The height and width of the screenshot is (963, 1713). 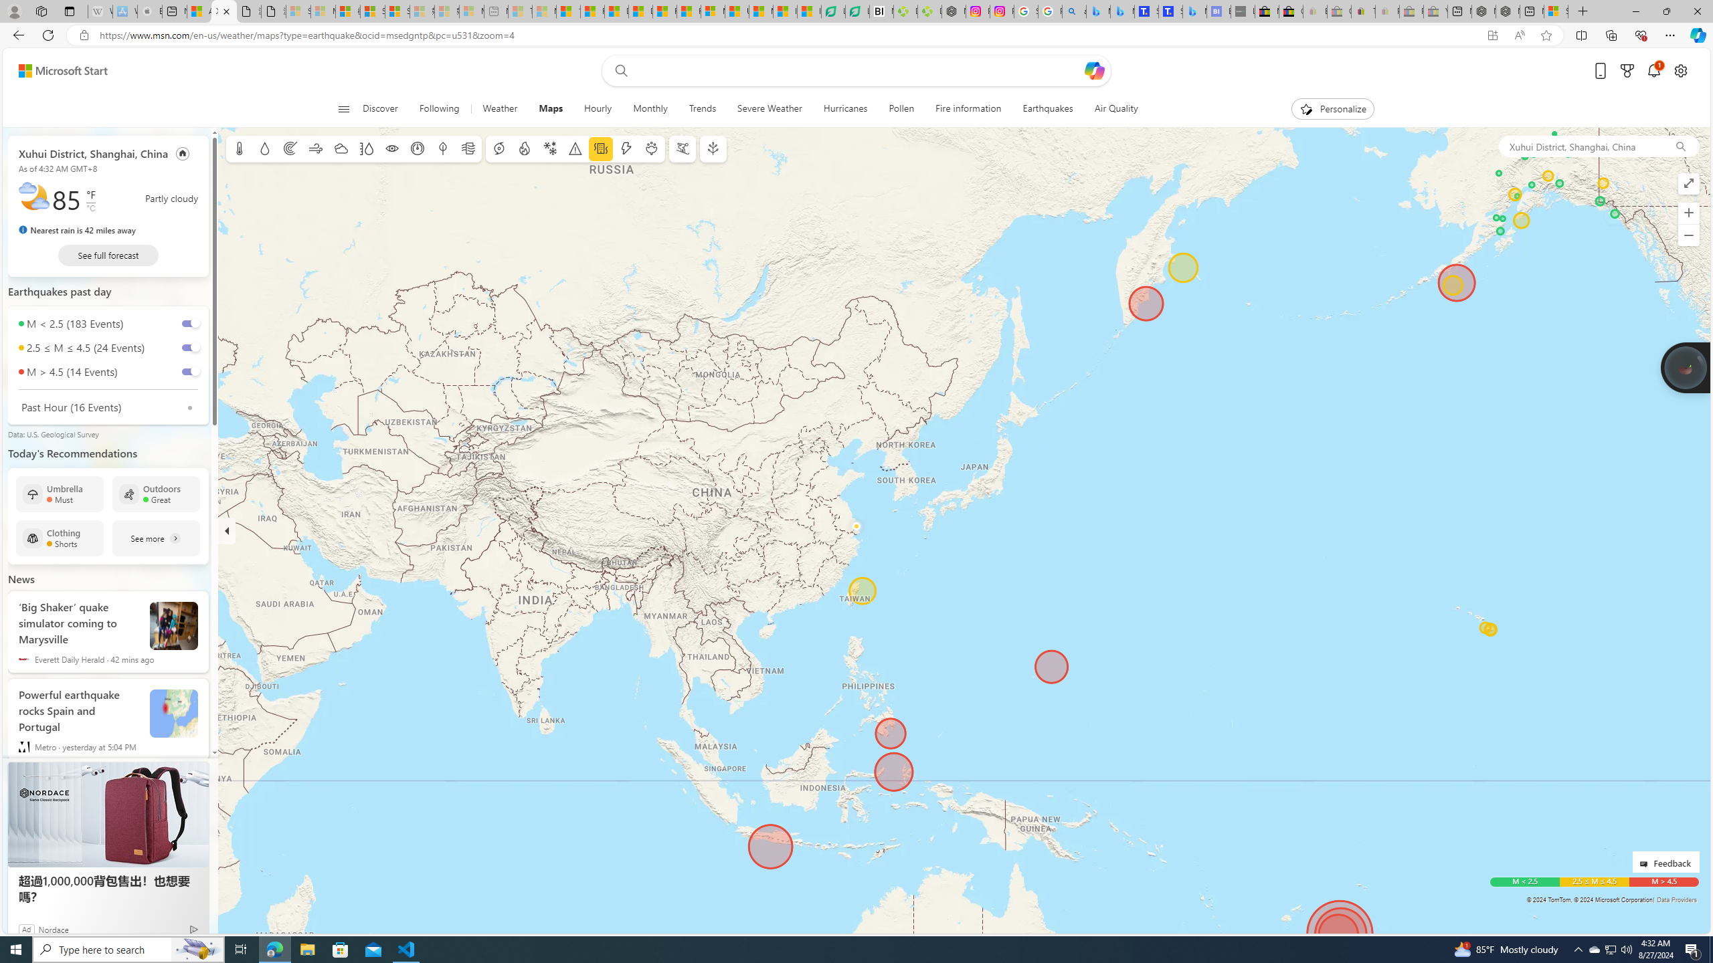 What do you see at coordinates (60, 538) in the screenshot?
I see `'Clothing Shorts'` at bounding box center [60, 538].